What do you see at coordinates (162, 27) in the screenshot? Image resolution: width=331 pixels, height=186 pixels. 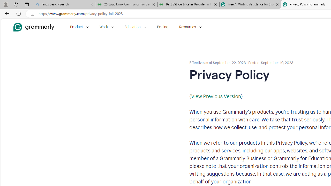 I see `'Pricing'` at bounding box center [162, 27].